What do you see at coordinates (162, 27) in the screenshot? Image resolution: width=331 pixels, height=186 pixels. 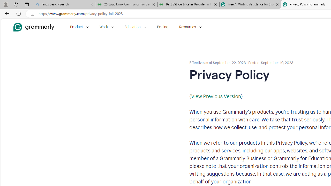 I see `'Pricing'` at bounding box center [162, 27].